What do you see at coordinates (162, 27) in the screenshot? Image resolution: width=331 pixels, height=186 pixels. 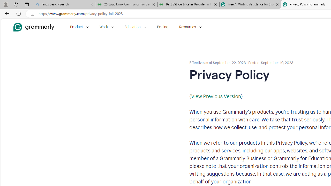 I see `'Pricing'` at bounding box center [162, 27].